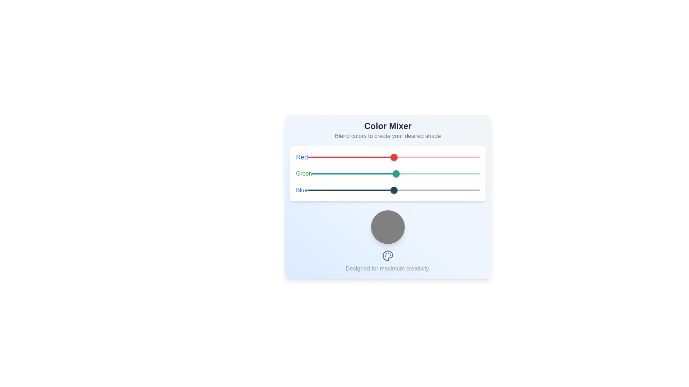  What do you see at coordinates (350, 174) in the screenshot?
I see `the green value` at bounding box center [350, 174].